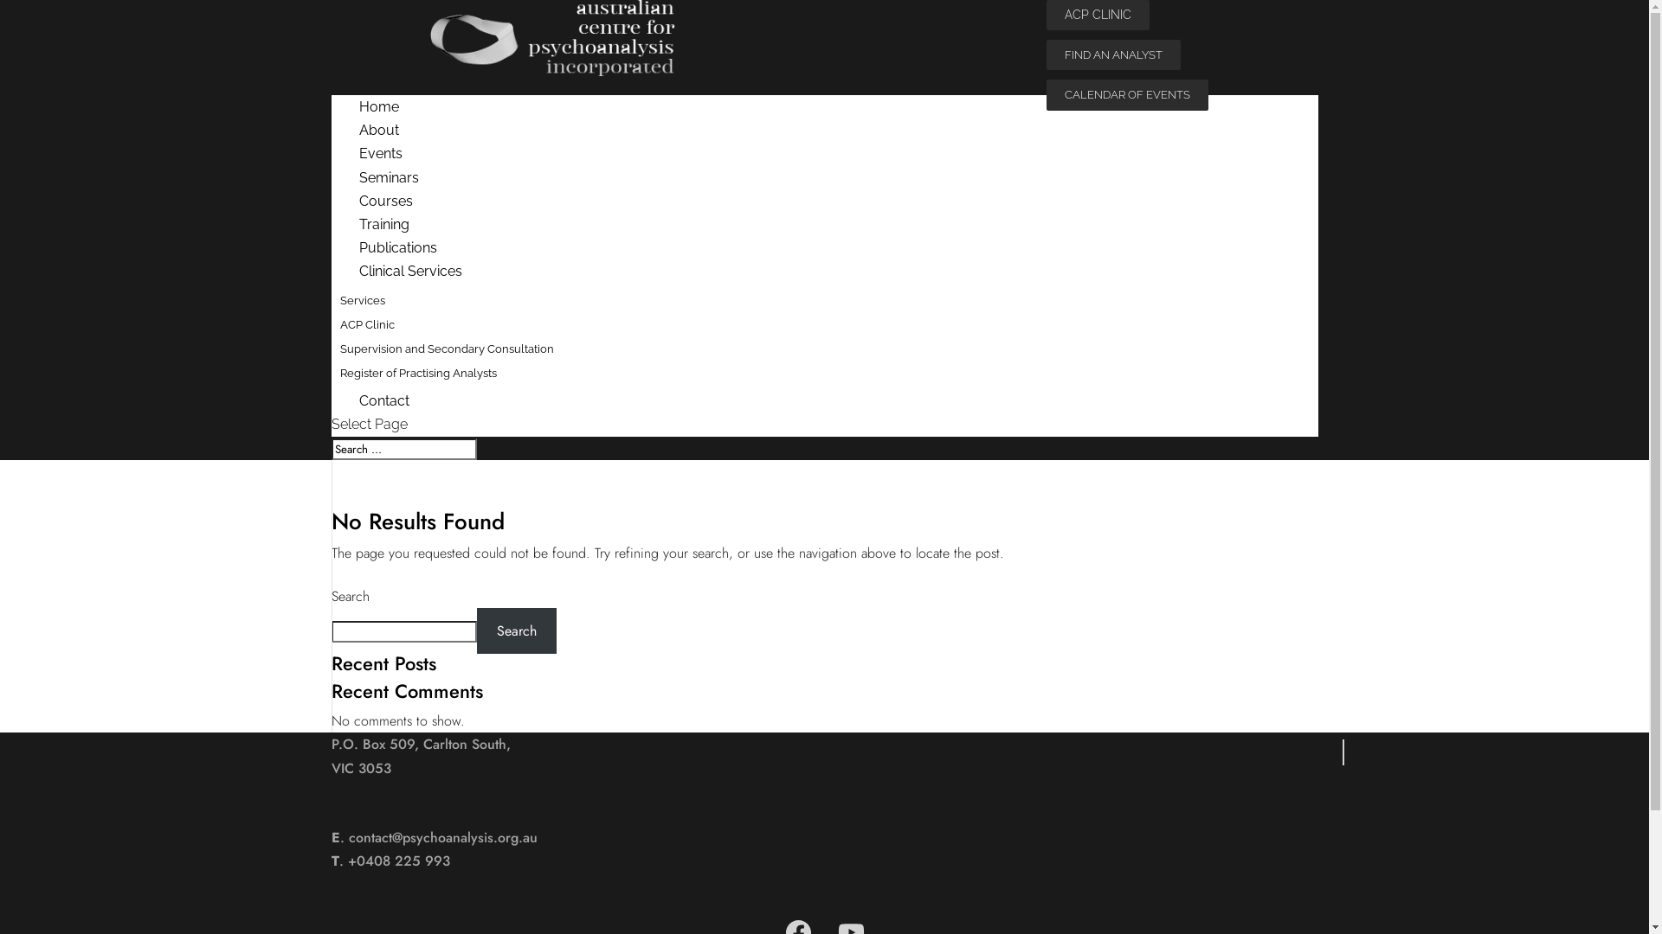 This screenshot has width=1662, height=934. What do you see at coordinates (388, 177) in the screenshot?
I see `'Seminars'` at bounding box center [388, 177].